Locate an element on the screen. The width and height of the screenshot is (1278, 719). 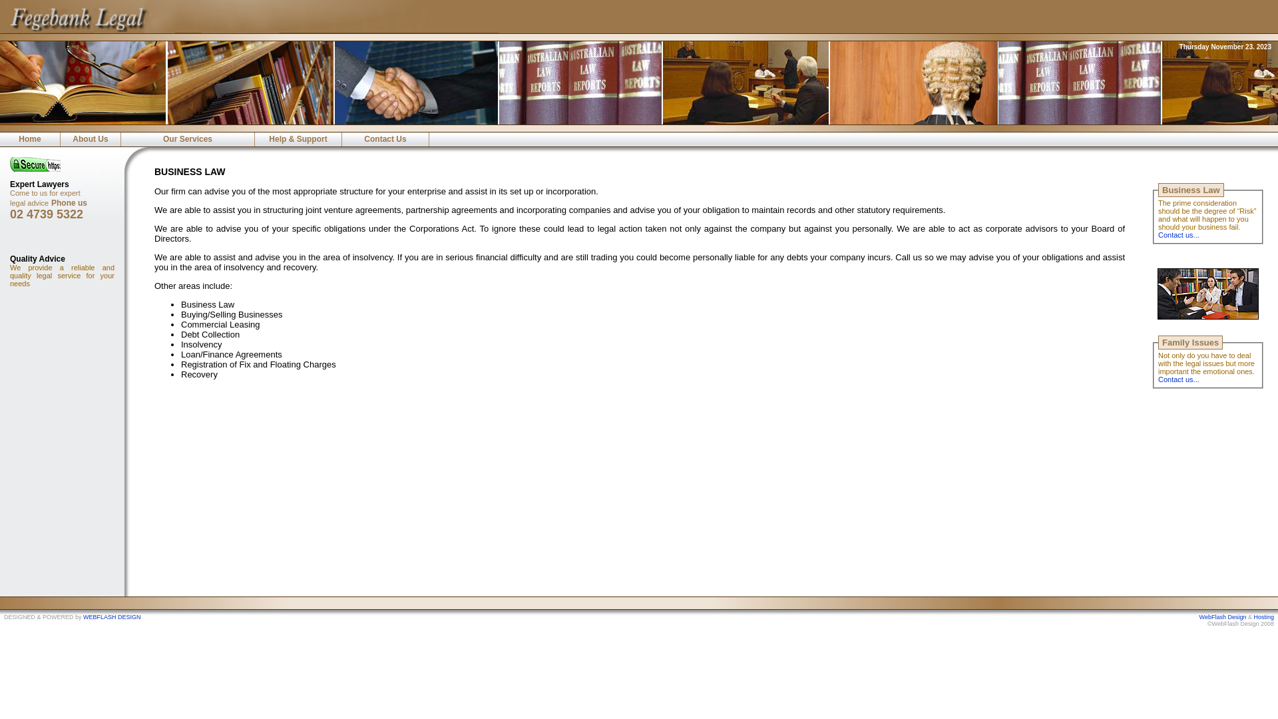
'Contact us...' is located at coordinates (1157, 234).